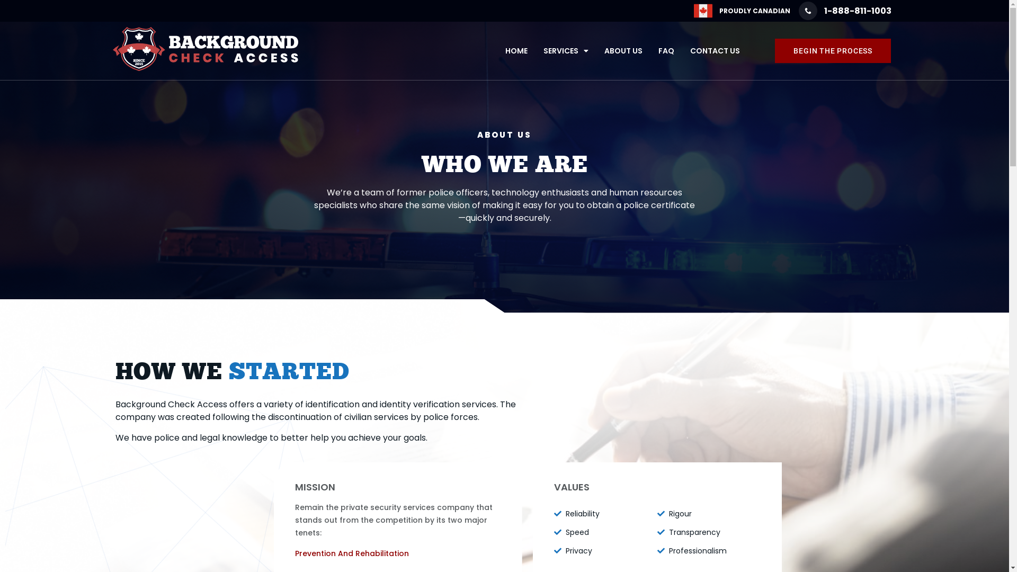  What do you see at coordinates (352, 553) in the screenshot?
I see `'Prevention And Rehabilitation'` at bounding box center [352, 553].